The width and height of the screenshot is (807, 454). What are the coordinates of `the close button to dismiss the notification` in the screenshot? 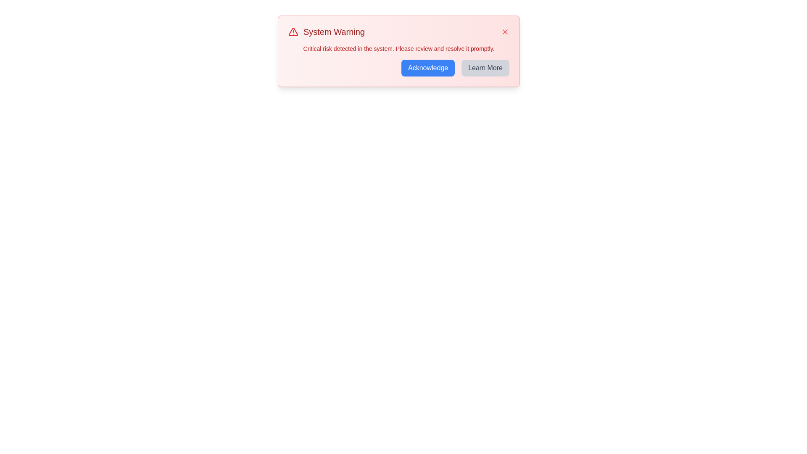 It's located at (504, 32).